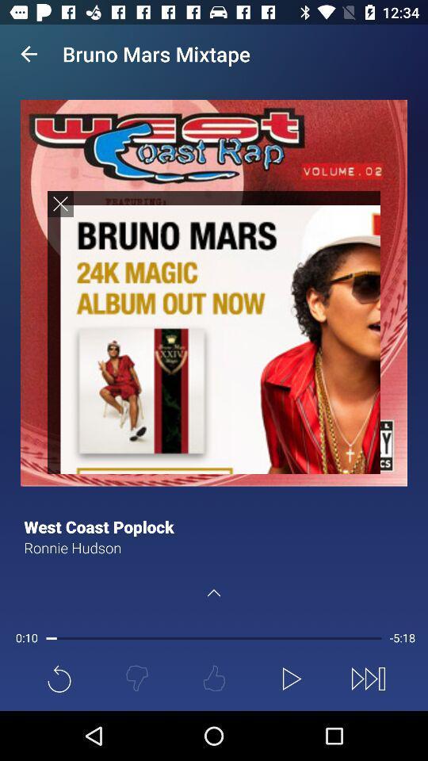  I want to click on the fast forward icon, so click(368, 678).